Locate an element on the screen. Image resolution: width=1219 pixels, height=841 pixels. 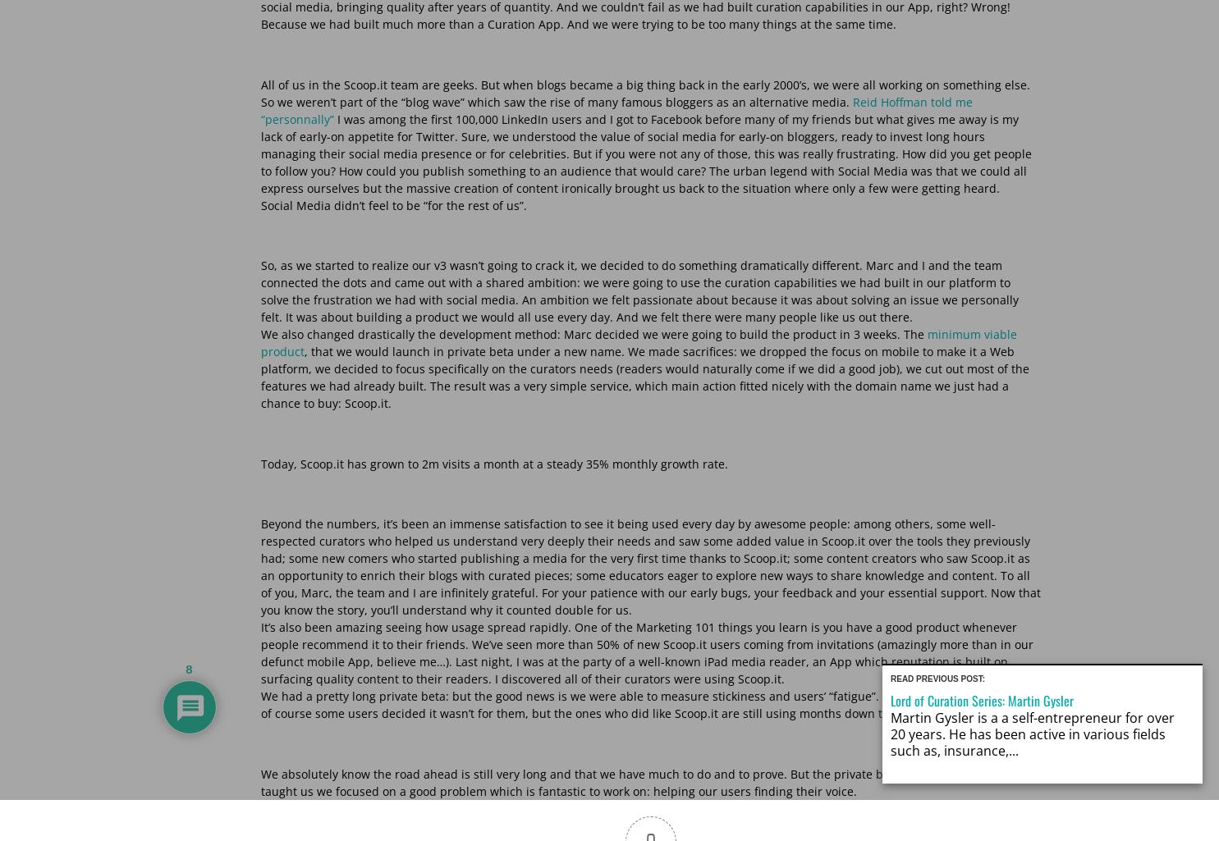
'Social Media didn’t feel to be “for the rest of us”.' is located at coordinates (392, 203).